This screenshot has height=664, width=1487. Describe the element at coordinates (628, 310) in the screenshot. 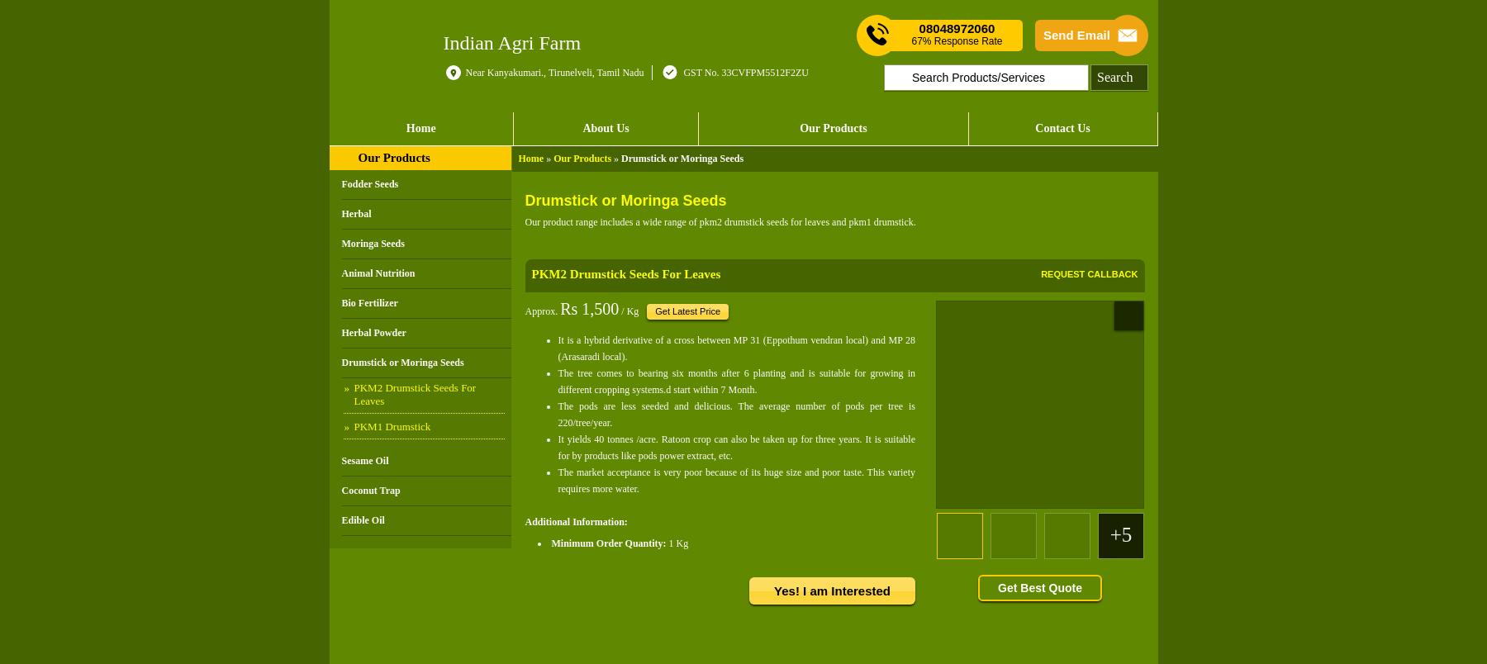

I see `'/ Kg'` at that location.